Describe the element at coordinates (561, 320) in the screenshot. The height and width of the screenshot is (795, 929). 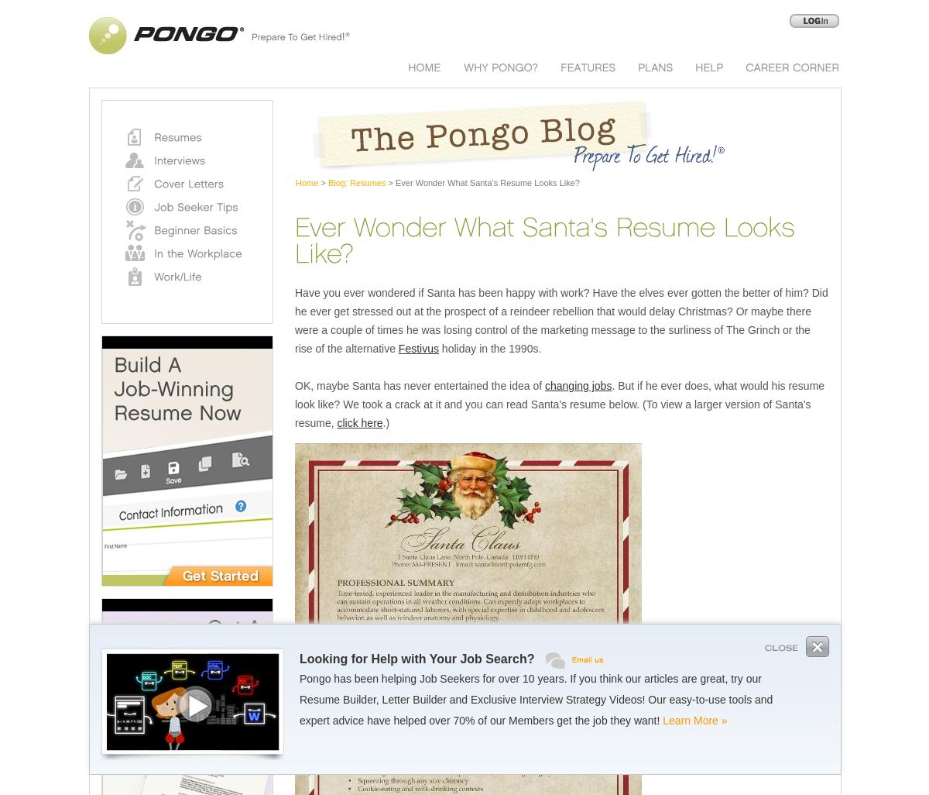
I see `'Have you ever wondered if Santa has been happy with work? Have the elves ever gotten the better of him? Did he ever get stressed out at the prospect of a reindeer rebellion that would delay Christmas? Or maybe there were a couple of times he was losing control of the marketing message to the surliness of The Grinch or the rise of the alternative'` at that location.